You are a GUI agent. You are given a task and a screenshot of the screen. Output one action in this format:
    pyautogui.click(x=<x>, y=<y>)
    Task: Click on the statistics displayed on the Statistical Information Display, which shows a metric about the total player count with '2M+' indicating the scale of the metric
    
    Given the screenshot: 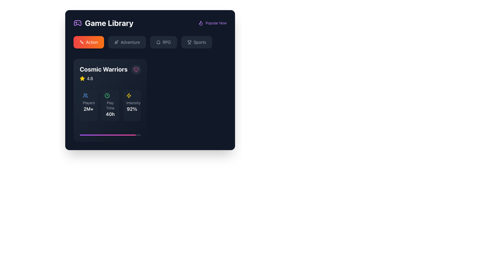 What is the action you would take?
    pyautogui.click(x=88, y=105)
    